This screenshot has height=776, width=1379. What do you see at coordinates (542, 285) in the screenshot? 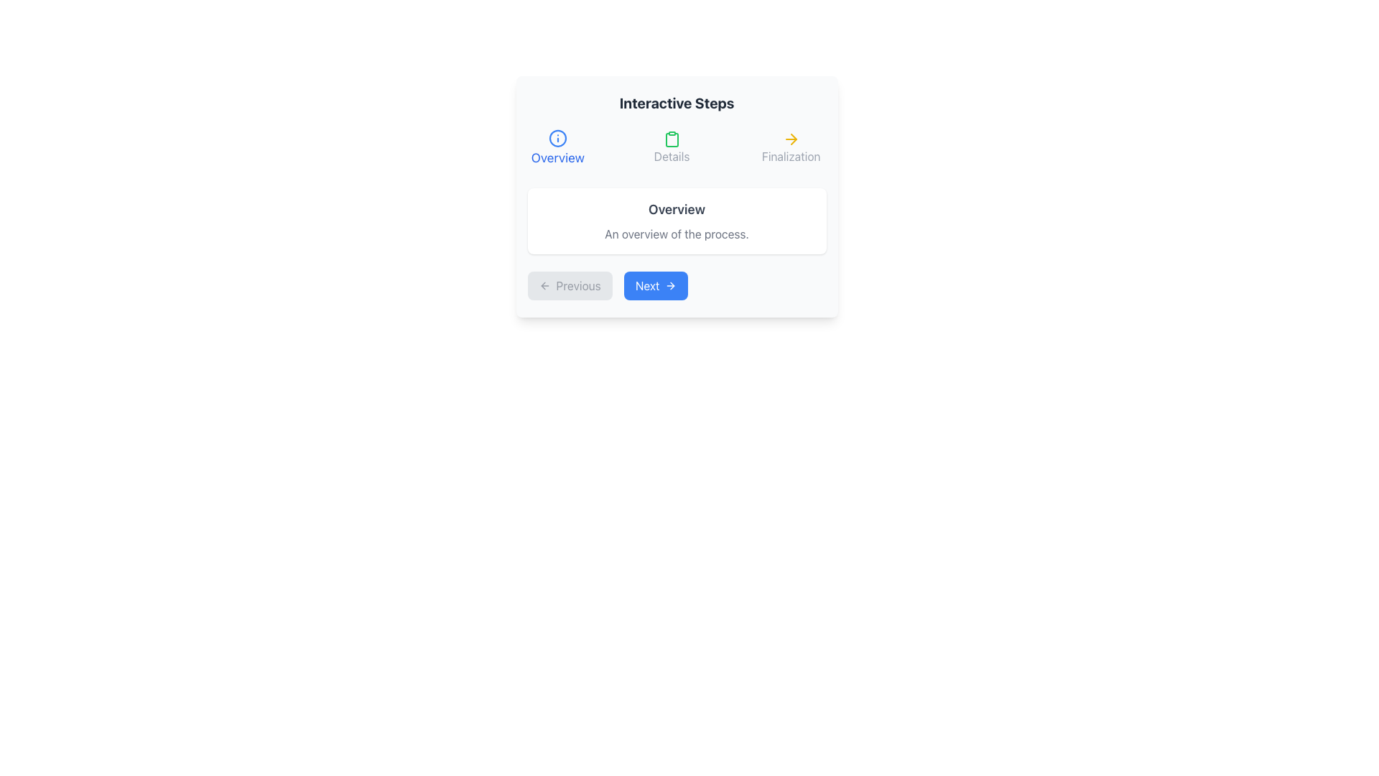
I see `the back arrow icon, which is a triangular arrow-like shape pointing leftwards` at bounding box center [542, 285].